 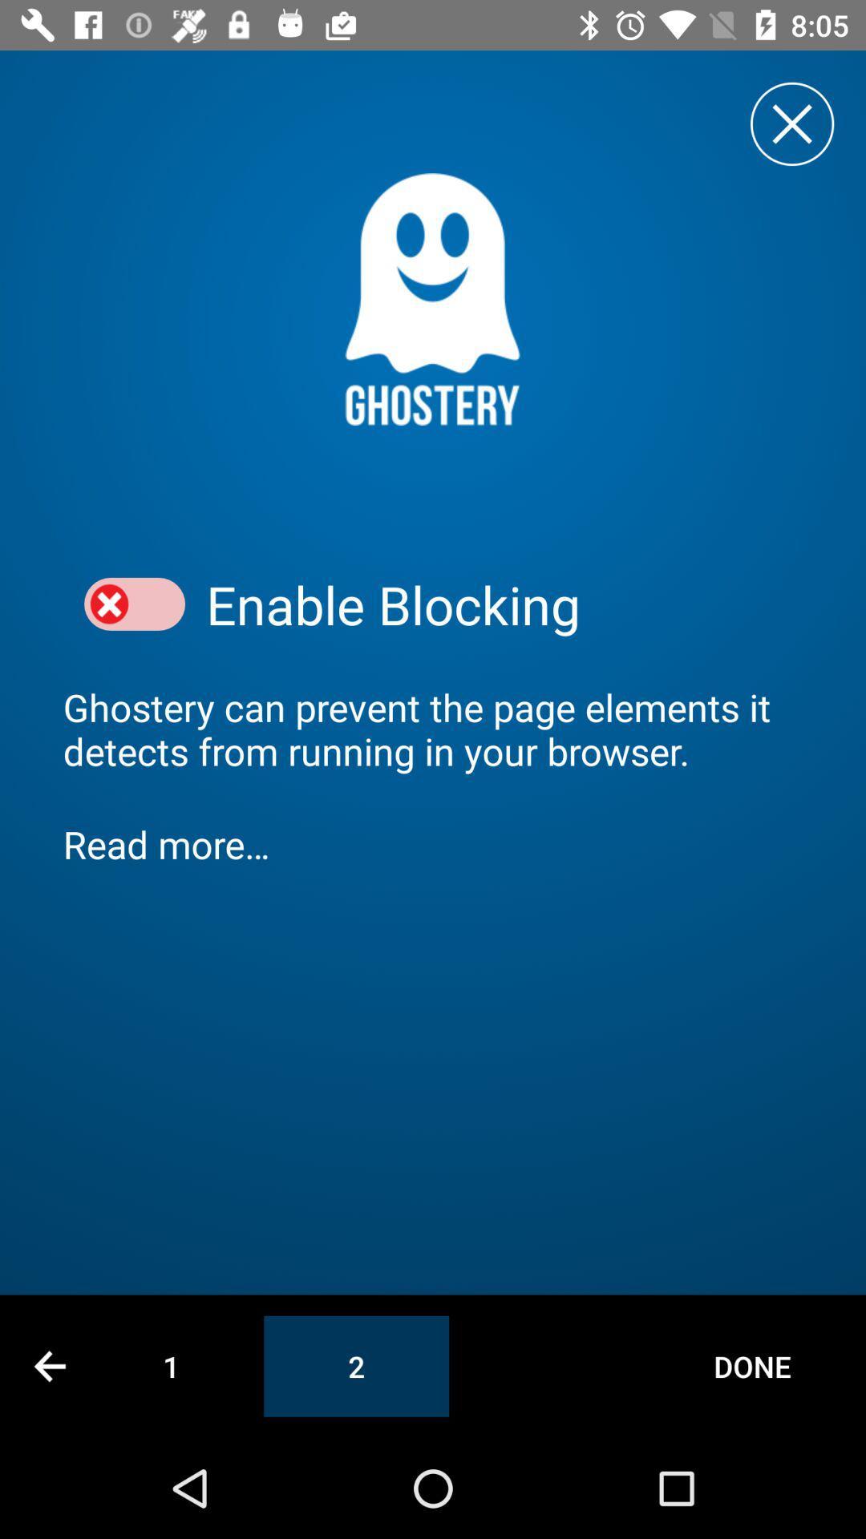 What do you see at coordinates (433, 843) in the screenshot?
I see `the item below the ghostery can prevent` at bounding box center [433, 843].